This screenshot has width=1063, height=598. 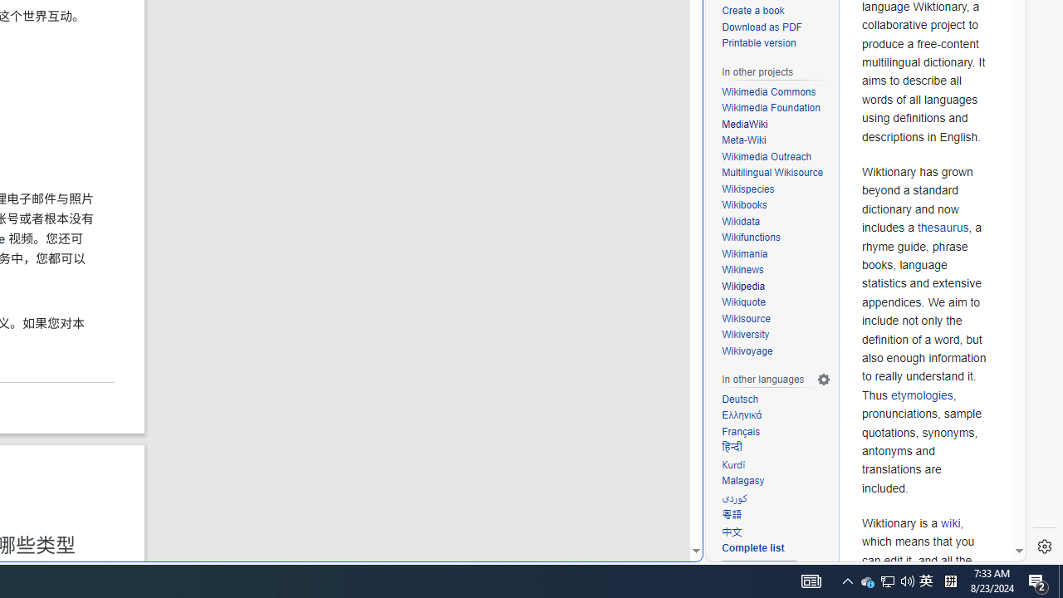 I want to click on 'Wikidata', so click(x=776, y=221).